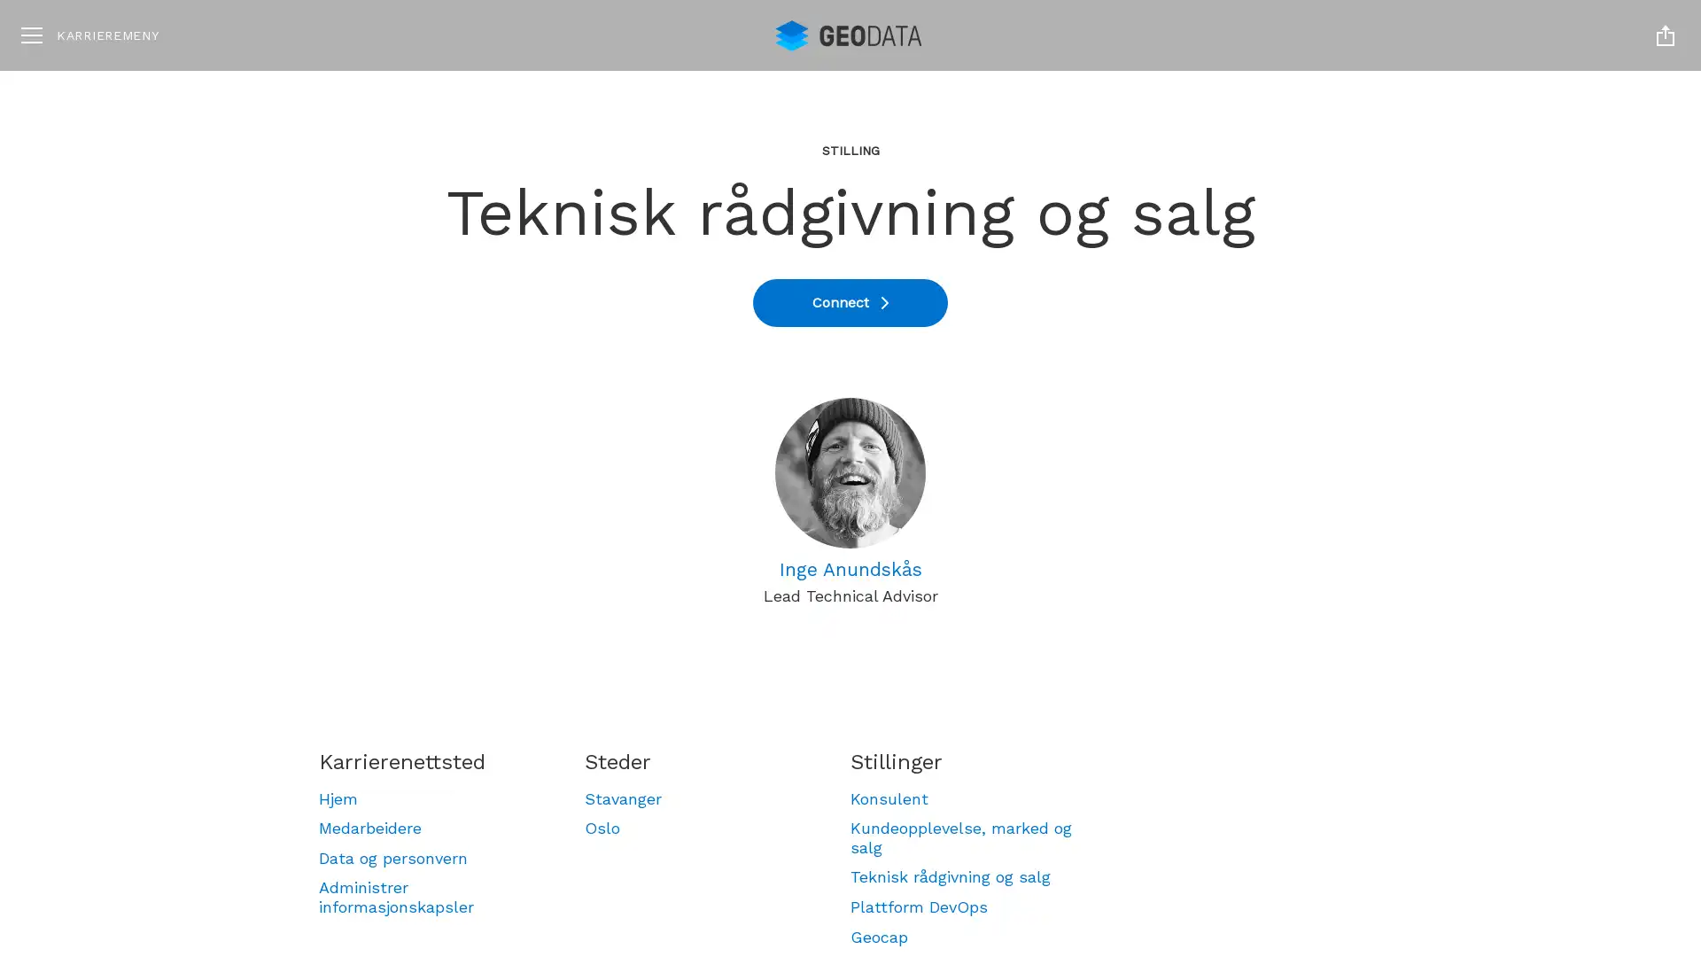  I want to click on Administrer informasjonskapsler, so click(435, 897).